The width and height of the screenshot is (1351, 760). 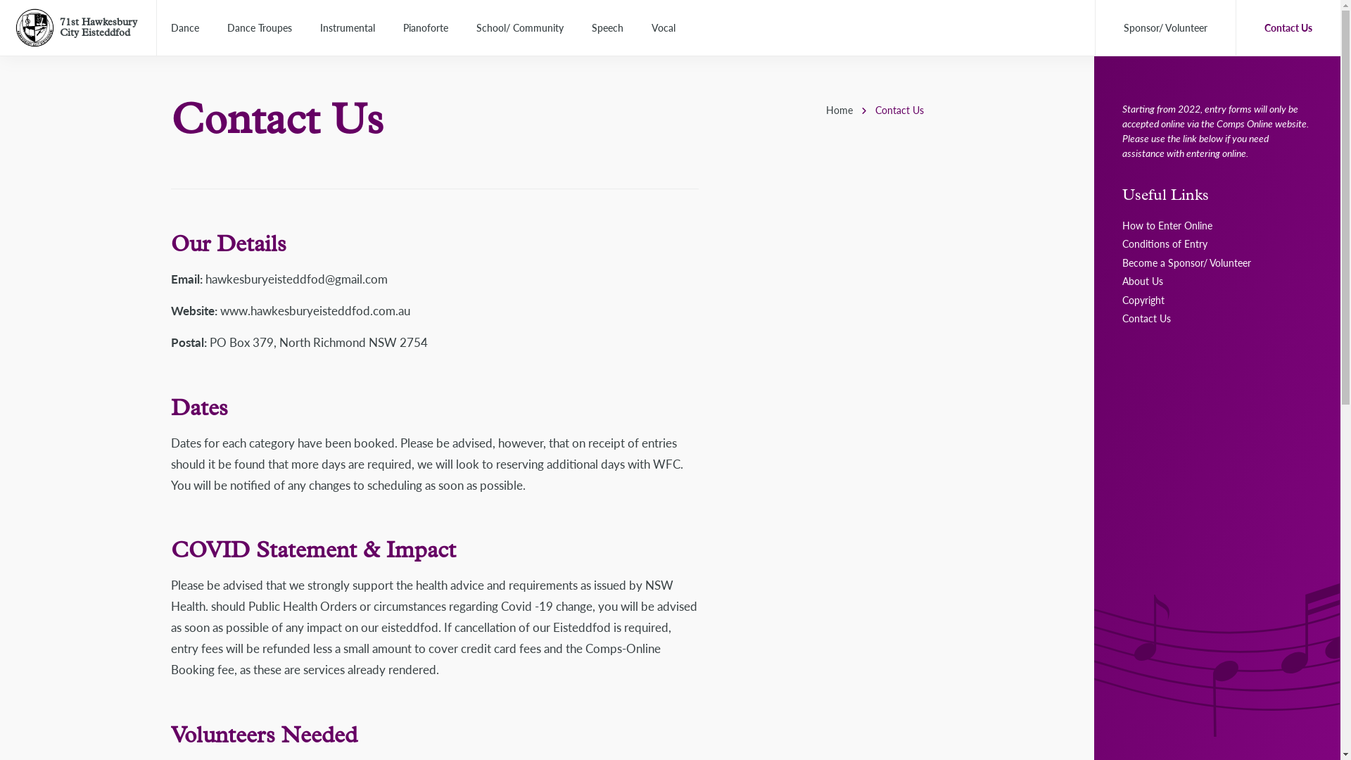 I want to click on 'Speech', so click(x=607, y=27).